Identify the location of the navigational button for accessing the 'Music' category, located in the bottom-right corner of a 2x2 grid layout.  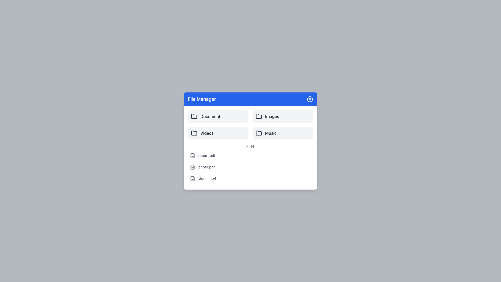
(283, 133).